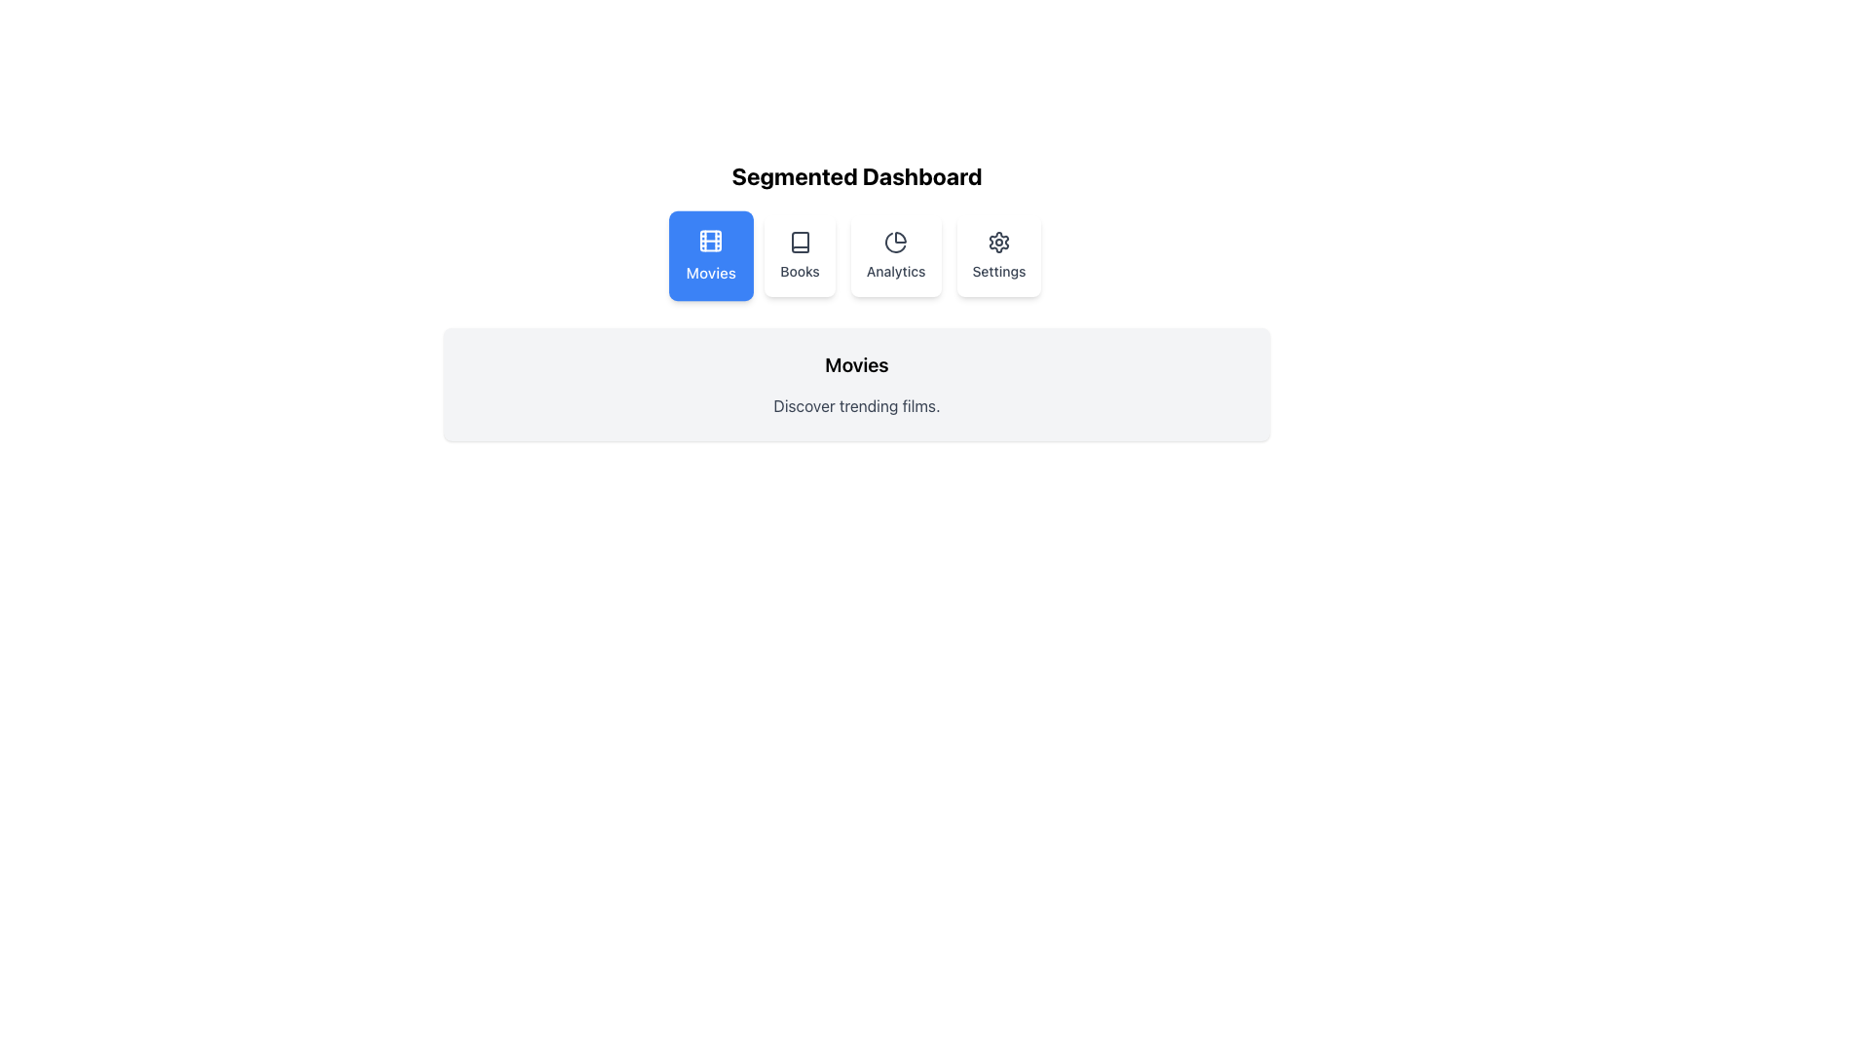 The image size is (1870, 1052). I want to click on the informational text label that serves as a title for a section related to movies, positioned above the secondary text line 'Discover trending films.', so click(856, 364).